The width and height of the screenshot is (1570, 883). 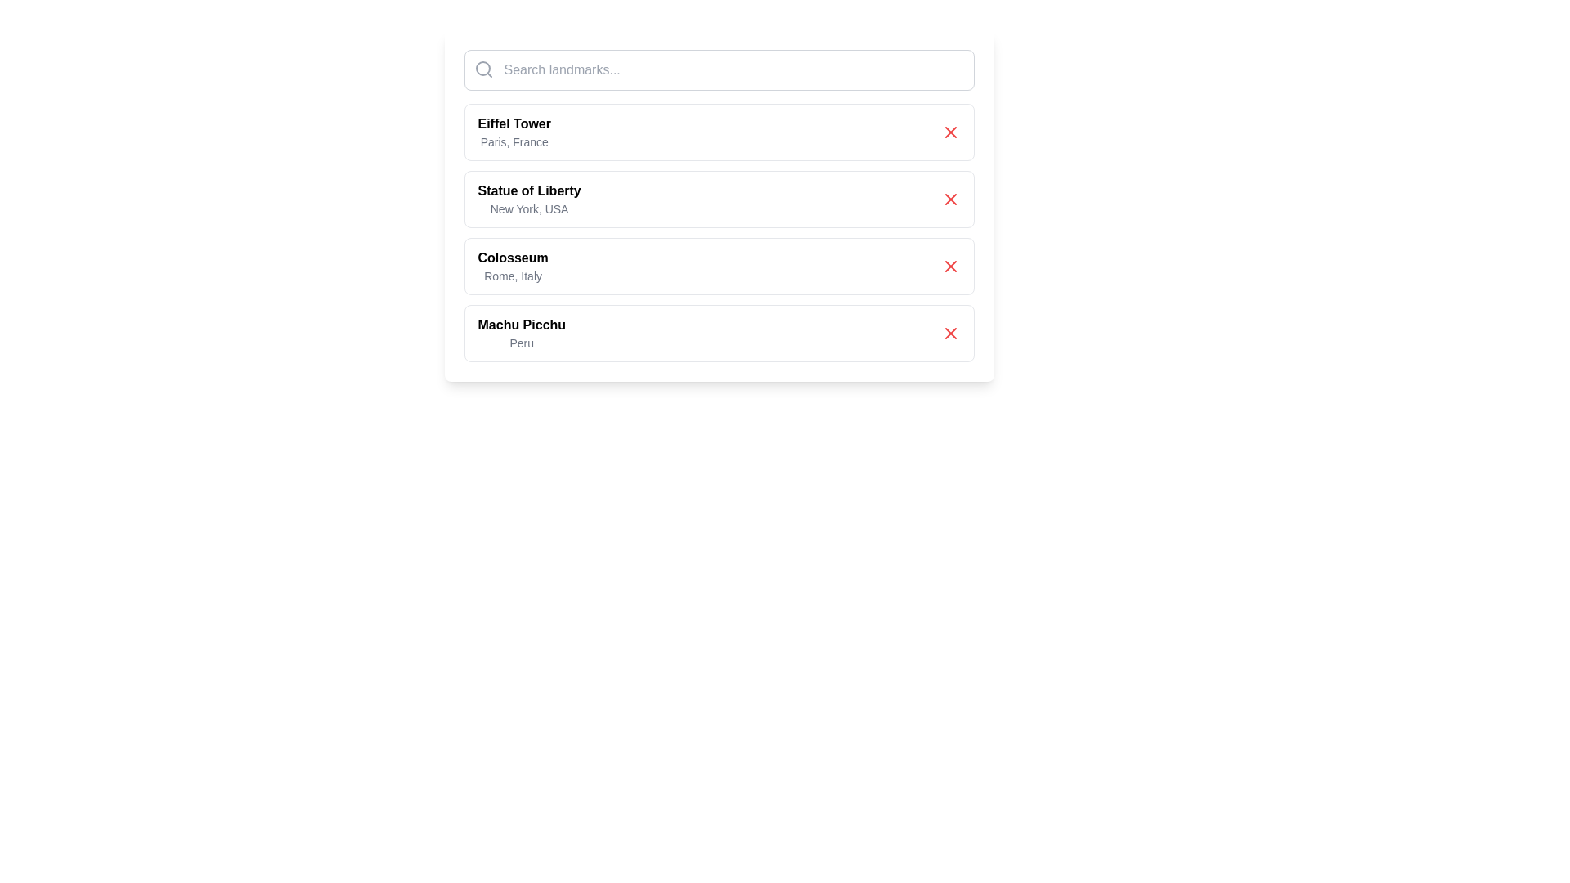 I want to click on the delete button represented by an 'X' symbol, so click(x=950, y=333).